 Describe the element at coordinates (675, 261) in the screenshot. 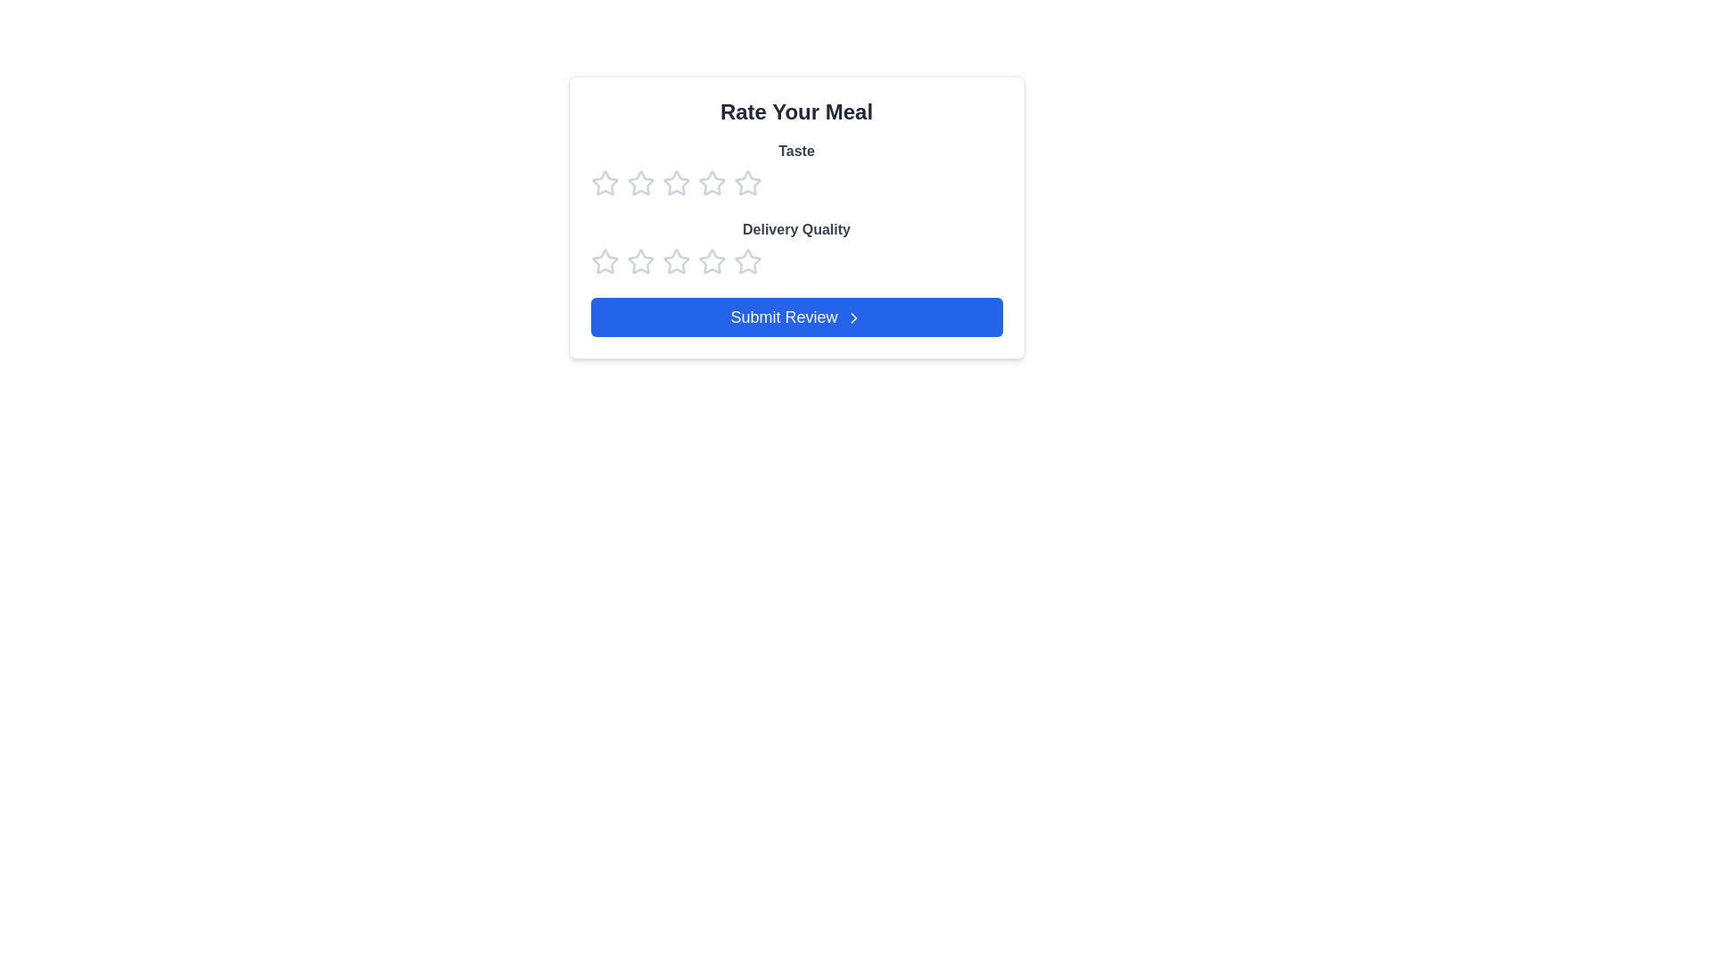

I see `the second star icon from the left in the second row of the star rating system under the 'Delivery Quality' label` at that location.